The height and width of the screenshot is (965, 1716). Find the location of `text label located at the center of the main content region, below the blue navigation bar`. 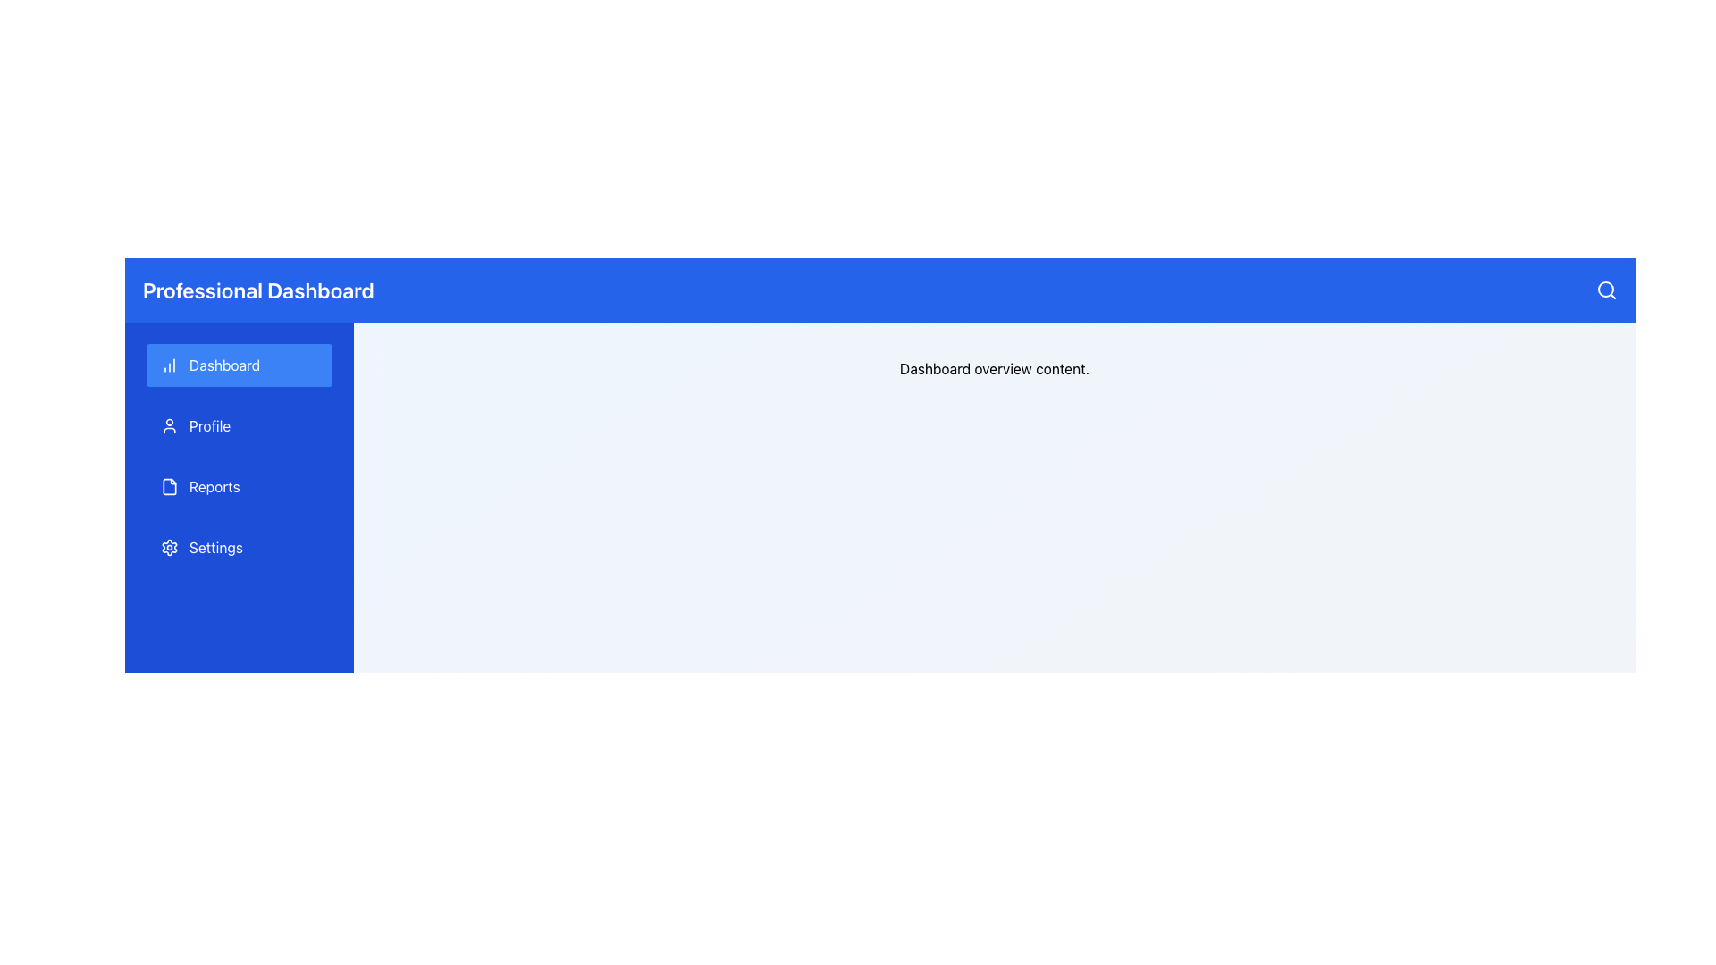

text label located at the center of the main content region, below the blue navigation bar is located at coordinates (994, 367).